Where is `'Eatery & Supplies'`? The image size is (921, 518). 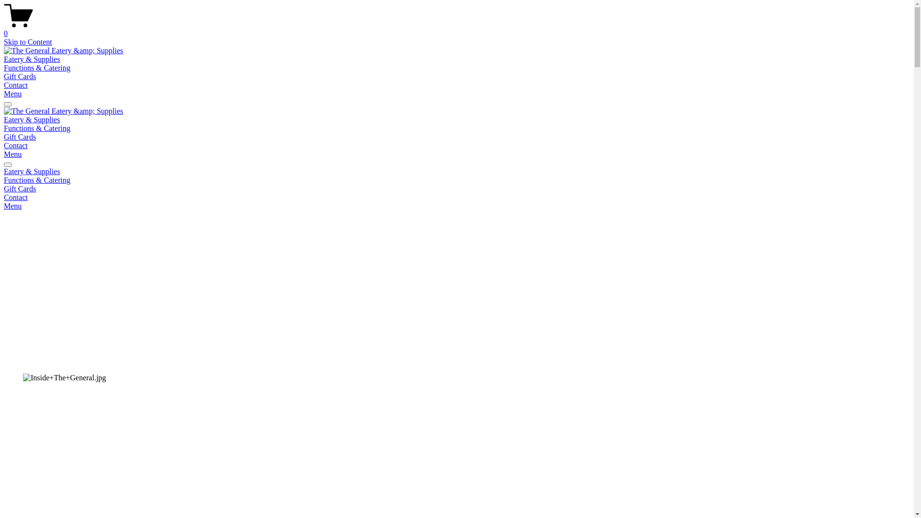
'Eatery & Supplies' is located at coordinates (4, 171).